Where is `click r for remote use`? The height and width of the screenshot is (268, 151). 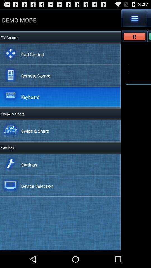 click r for remote use is located at coordinates (134, 36).